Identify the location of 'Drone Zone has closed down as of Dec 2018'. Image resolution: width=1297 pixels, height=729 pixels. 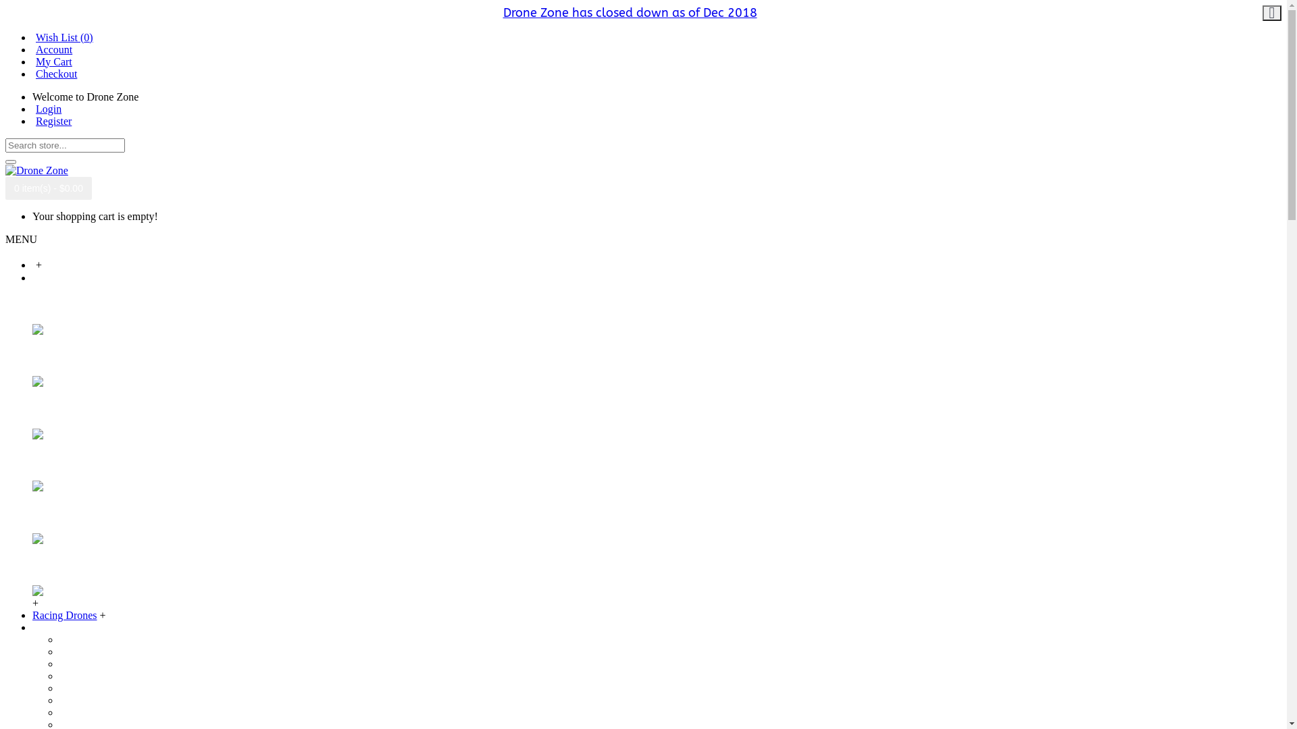
(628, 13).